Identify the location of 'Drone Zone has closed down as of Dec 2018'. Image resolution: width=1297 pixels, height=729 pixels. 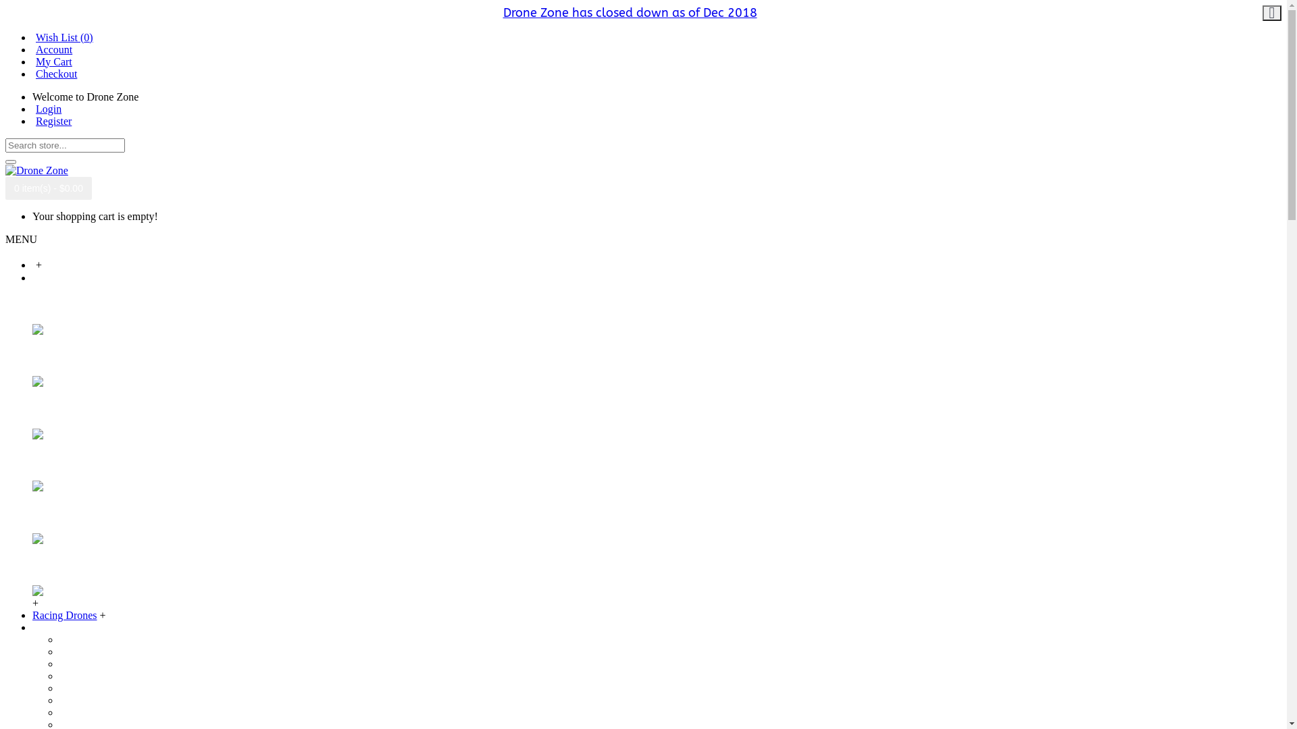
(628, 13).